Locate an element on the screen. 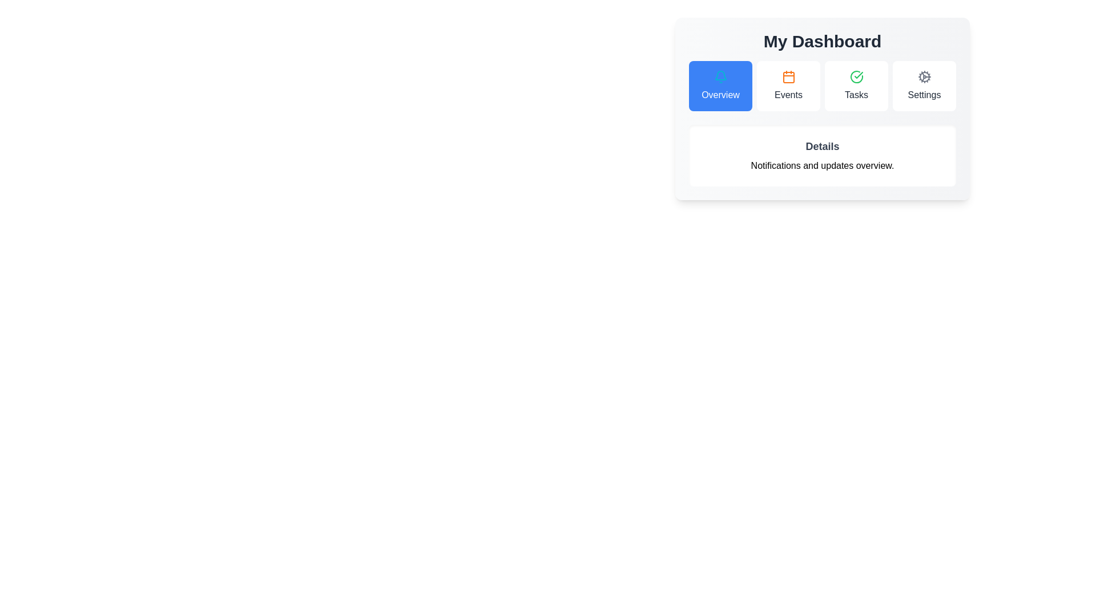  the tab button labeled Settings is located at coordinates (924, 85).